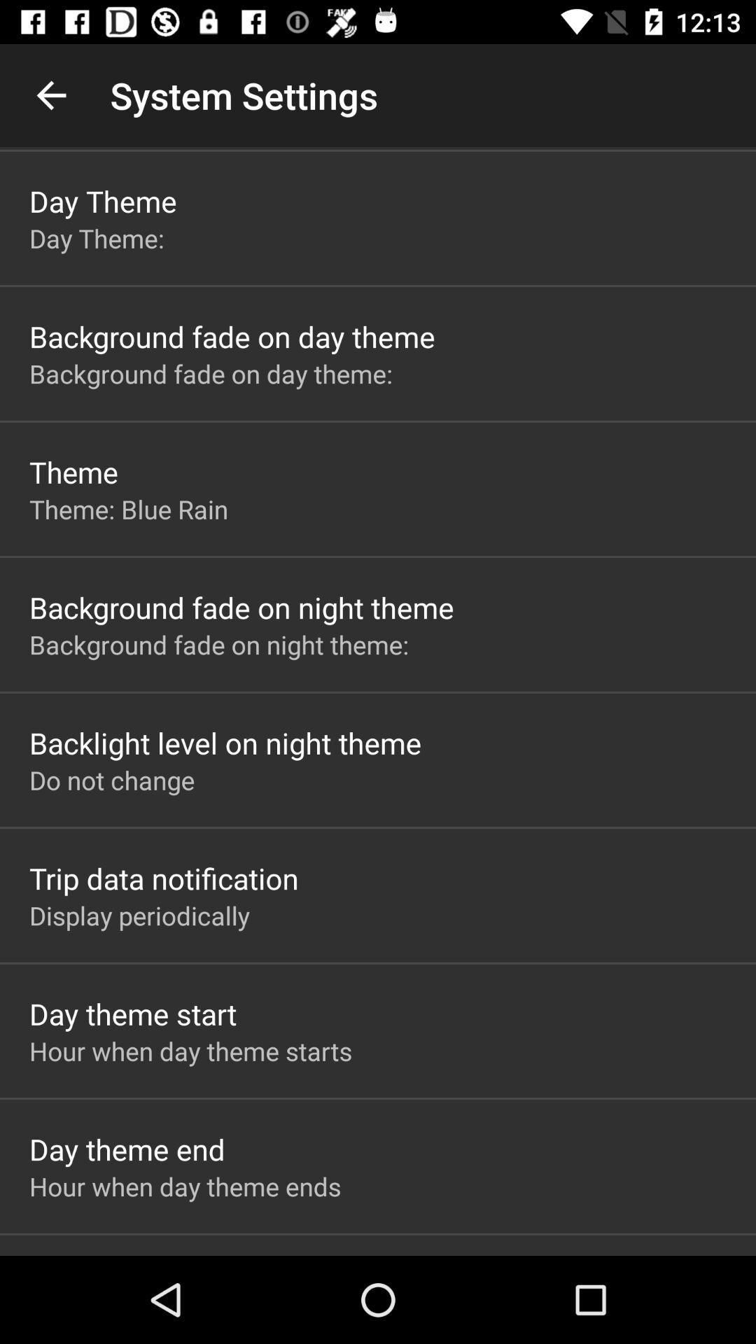 This screenshot has height=1344, width=756. What do you see at coordinates (163, 877) in the screenshot?
I see `trip data notification` at bounding box center [163, 877].